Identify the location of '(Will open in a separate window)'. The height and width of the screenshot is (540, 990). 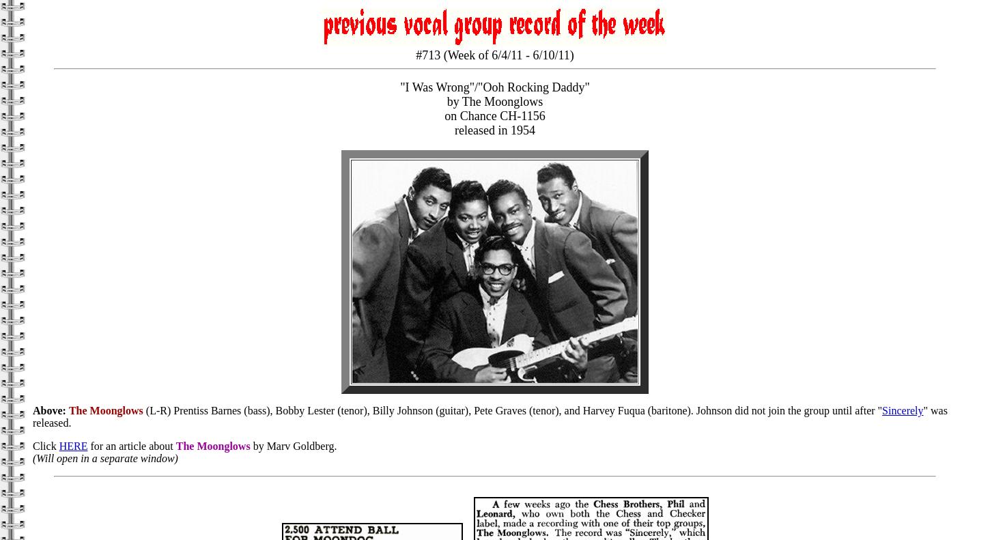
(32, 458).